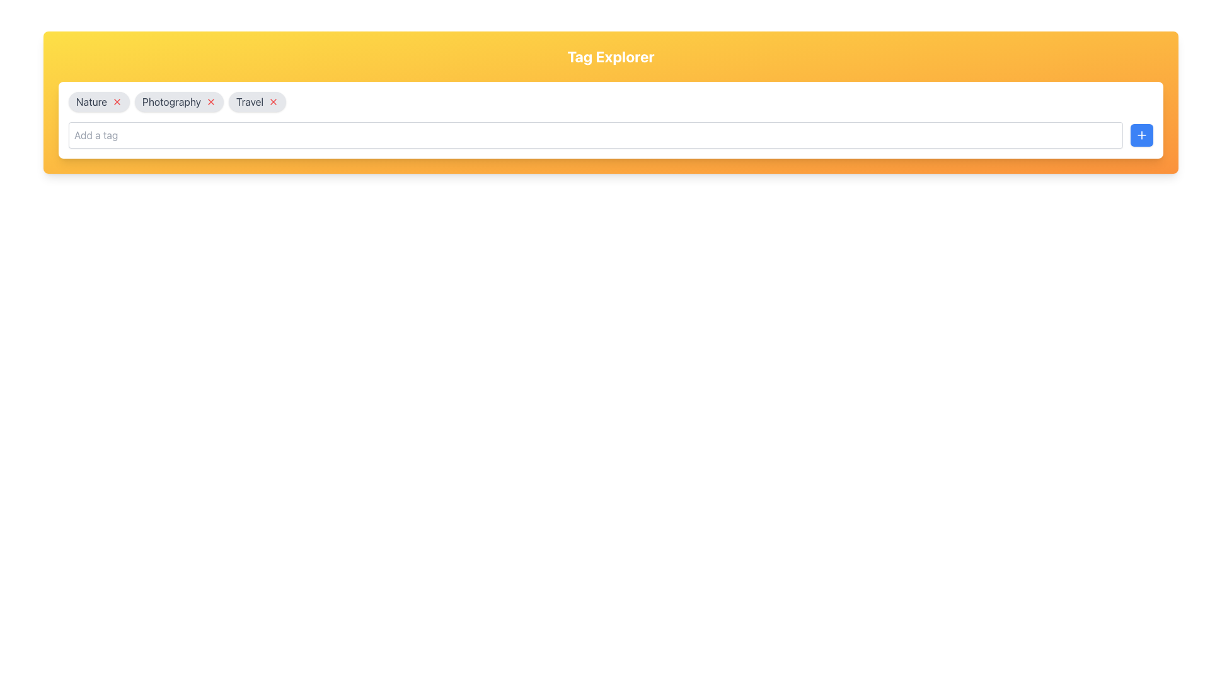 Image resolution: width=1210 pixels, height=680 pixels. Describe the element at coordinates (250, 101) in the screenshot. I see `the 'Travel' text label displayed in a light gray rounded rectangular badge, positioned third among three tags in the tag selector interface` at that location.